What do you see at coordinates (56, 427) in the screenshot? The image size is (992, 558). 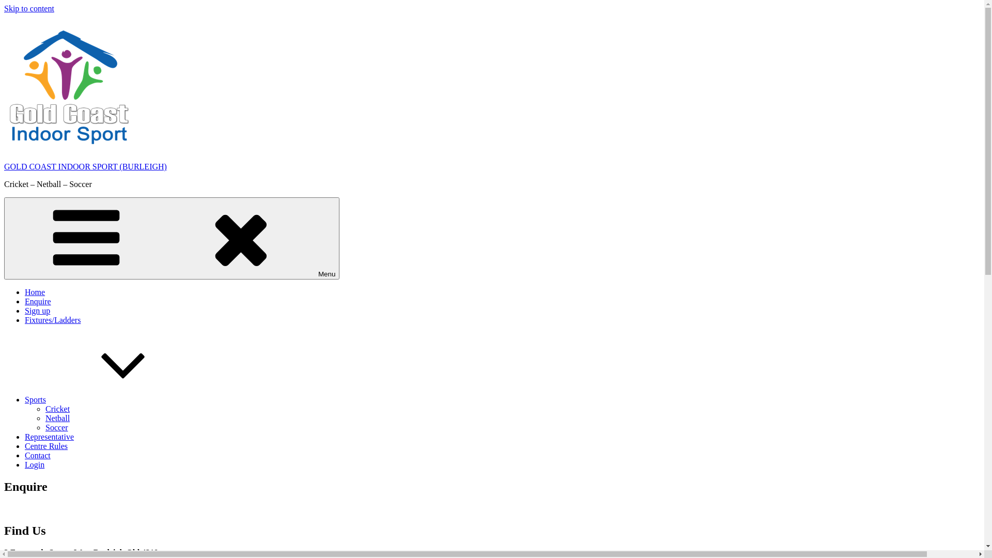 I see `'Soccer'` at bounding box center [56, 427].